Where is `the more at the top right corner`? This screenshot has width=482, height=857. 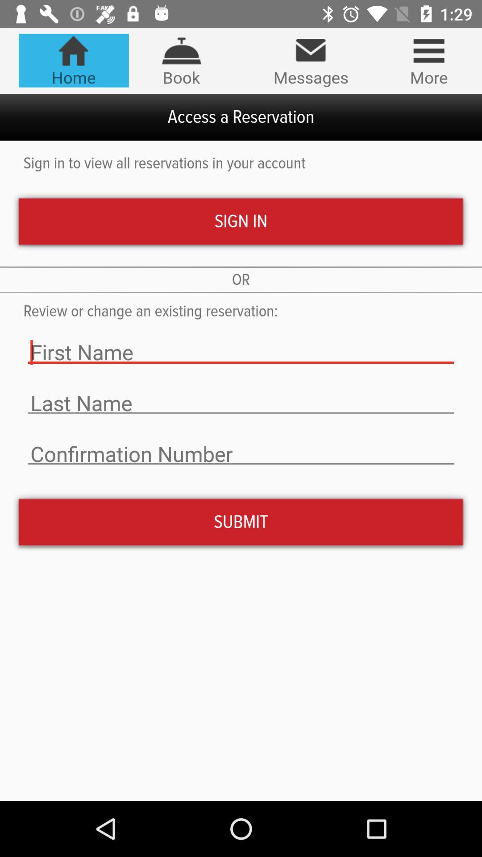 the more at the top right corner is located at coordinates (428, 60).